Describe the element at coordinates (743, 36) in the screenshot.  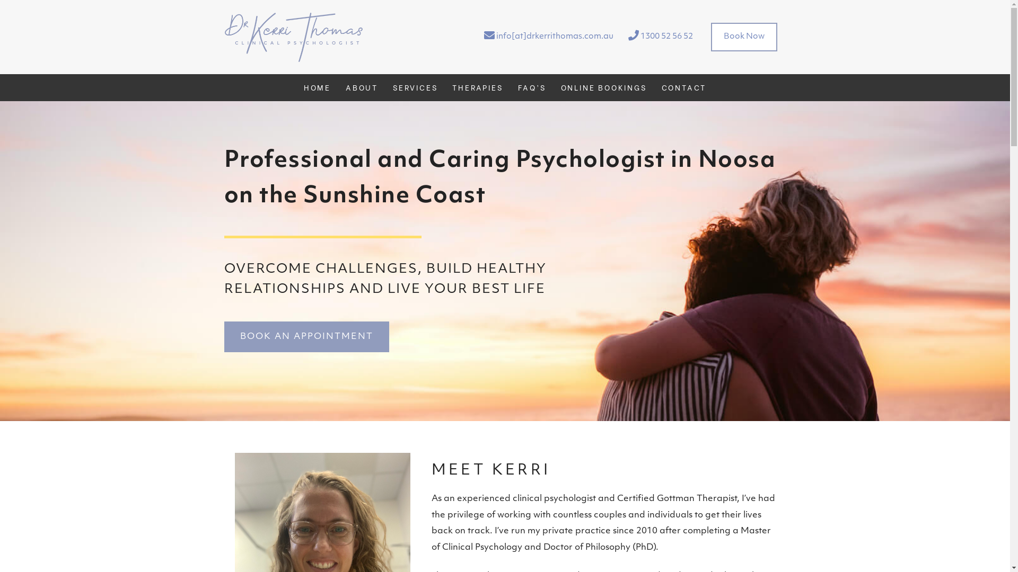
I see `'Book Now'` at that location.